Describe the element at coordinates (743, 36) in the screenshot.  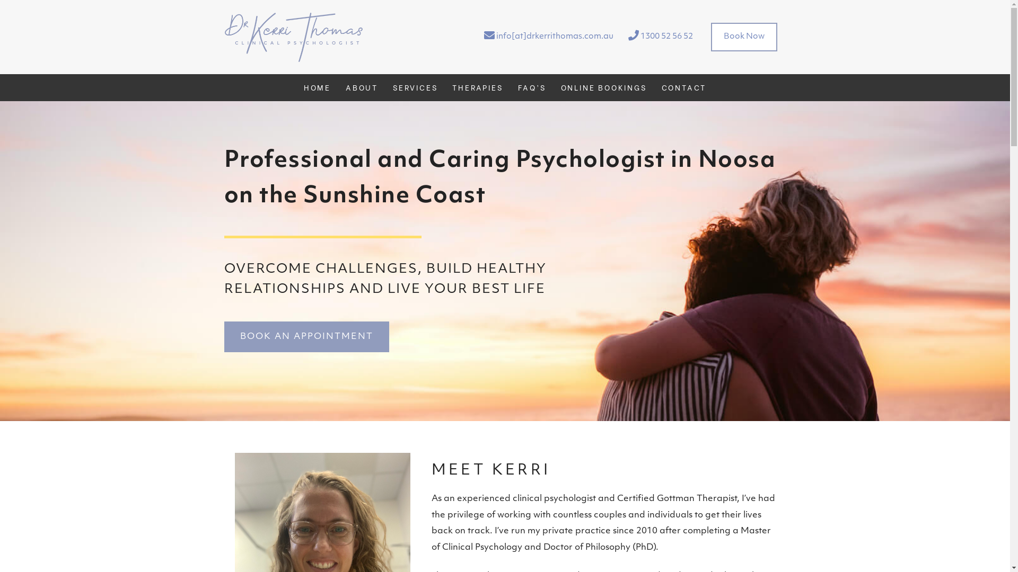
I see `'Book Now'` at that location.